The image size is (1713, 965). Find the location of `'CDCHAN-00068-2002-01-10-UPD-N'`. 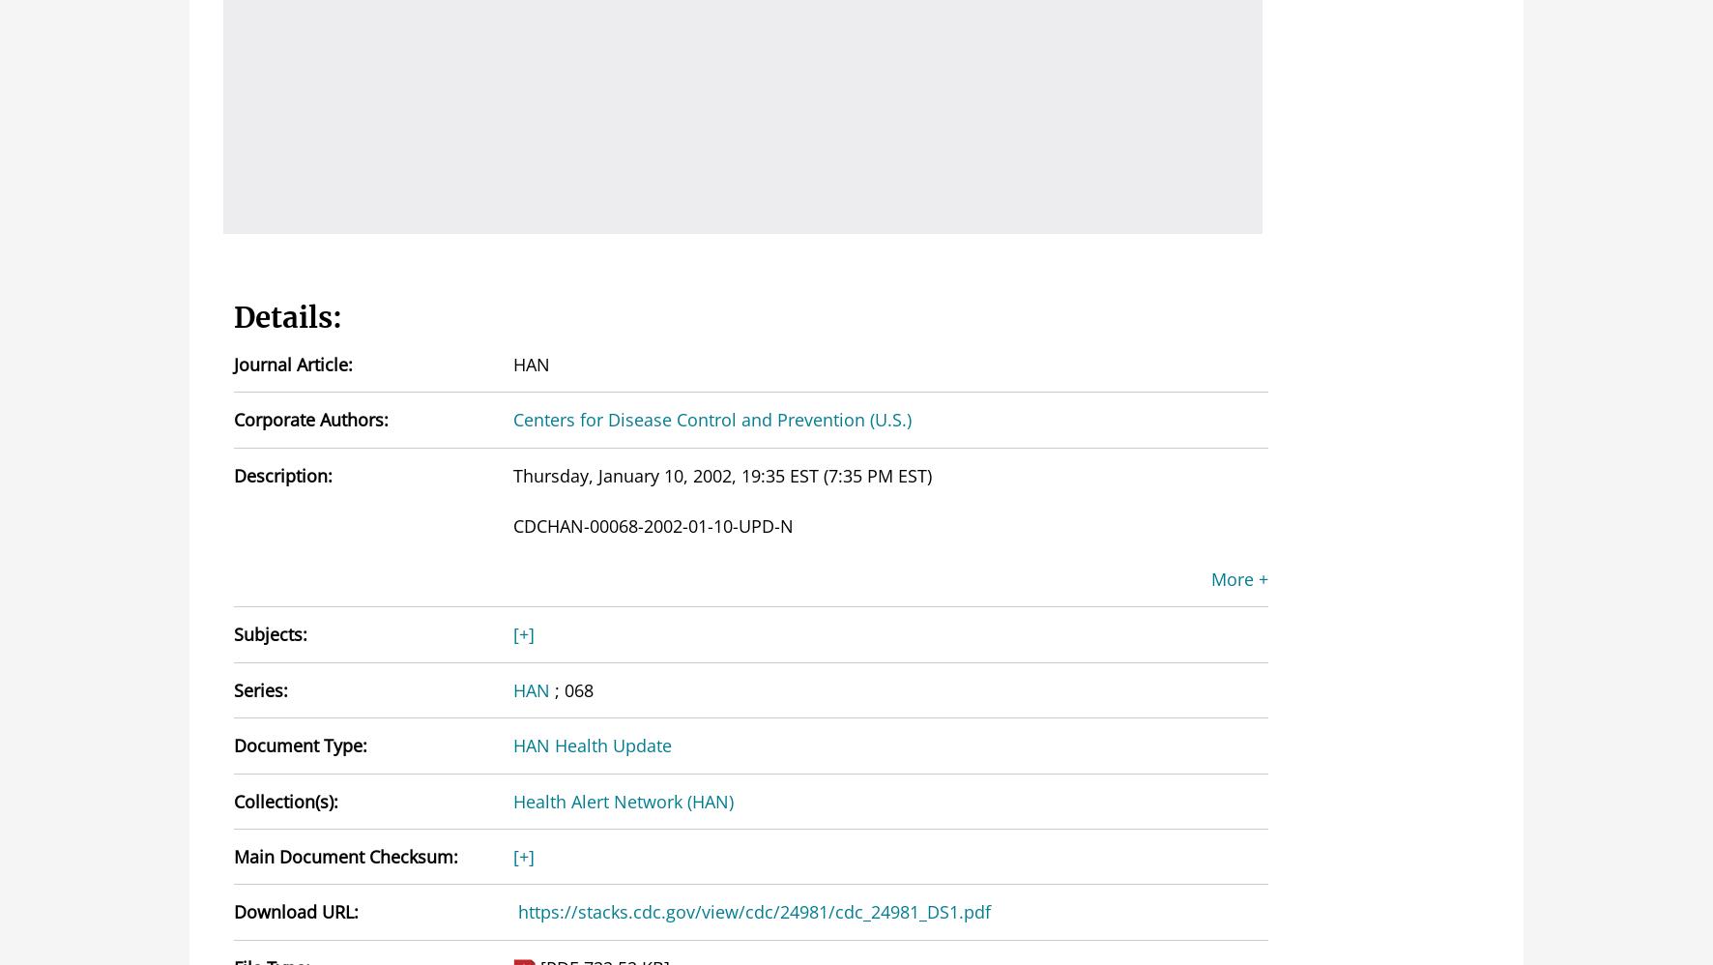

'CDCHAN-00068-2002-01-10-UPD-N' is located at coordinates (651, 526).